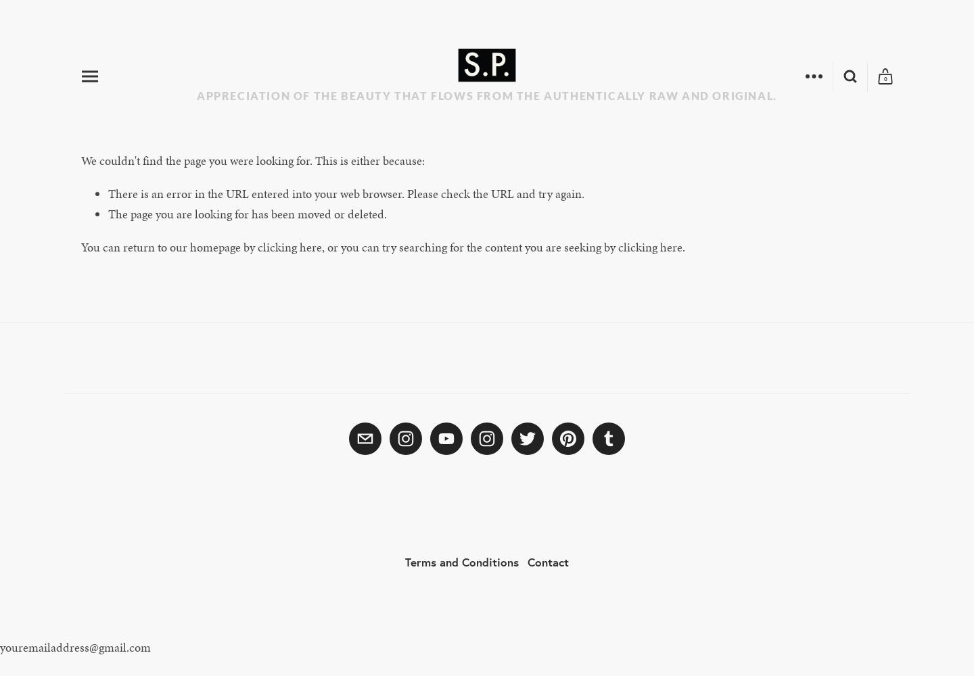 This screenshot has width=974, height=676. I want to click on ', or you can try searching for the
  content you are seeking by', so click(469, 245).